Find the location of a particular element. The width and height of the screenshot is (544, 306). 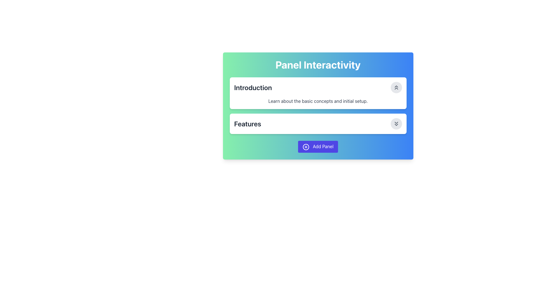

the SVG graphic depicting the chevrons located in the circular clickable area on the right edge of the white rounded rectangle box labeled 'Introduction' is located at coordinates (396, 87).